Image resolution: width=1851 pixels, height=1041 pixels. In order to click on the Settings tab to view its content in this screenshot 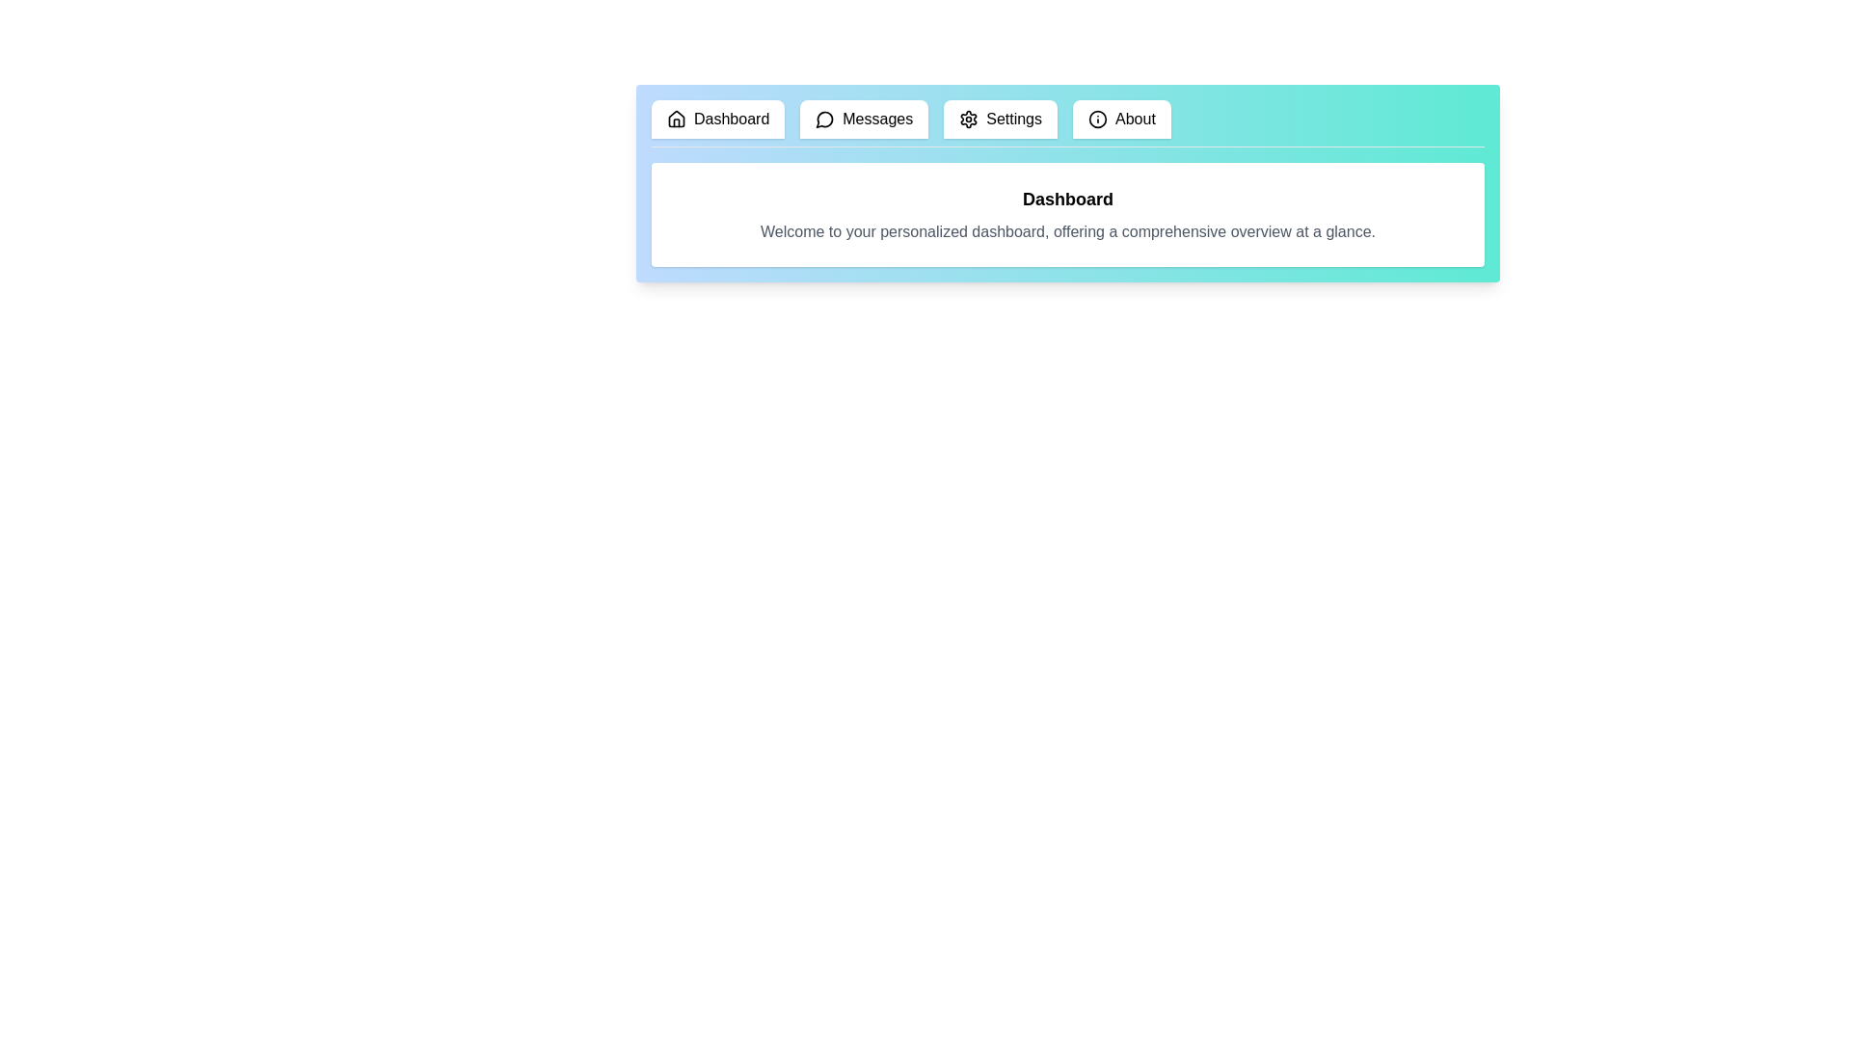, I will do `click(1000, 119)`.